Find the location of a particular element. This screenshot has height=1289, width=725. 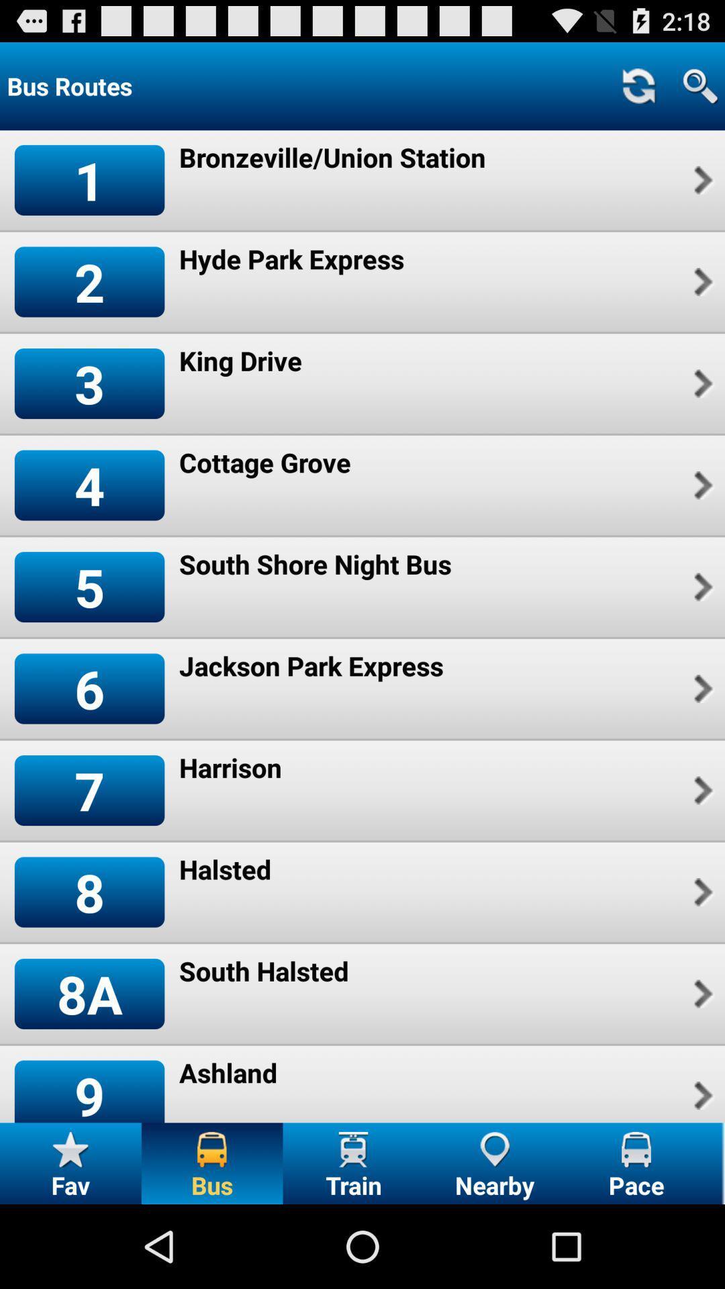

the search icon is located at coordinates (699, 85).